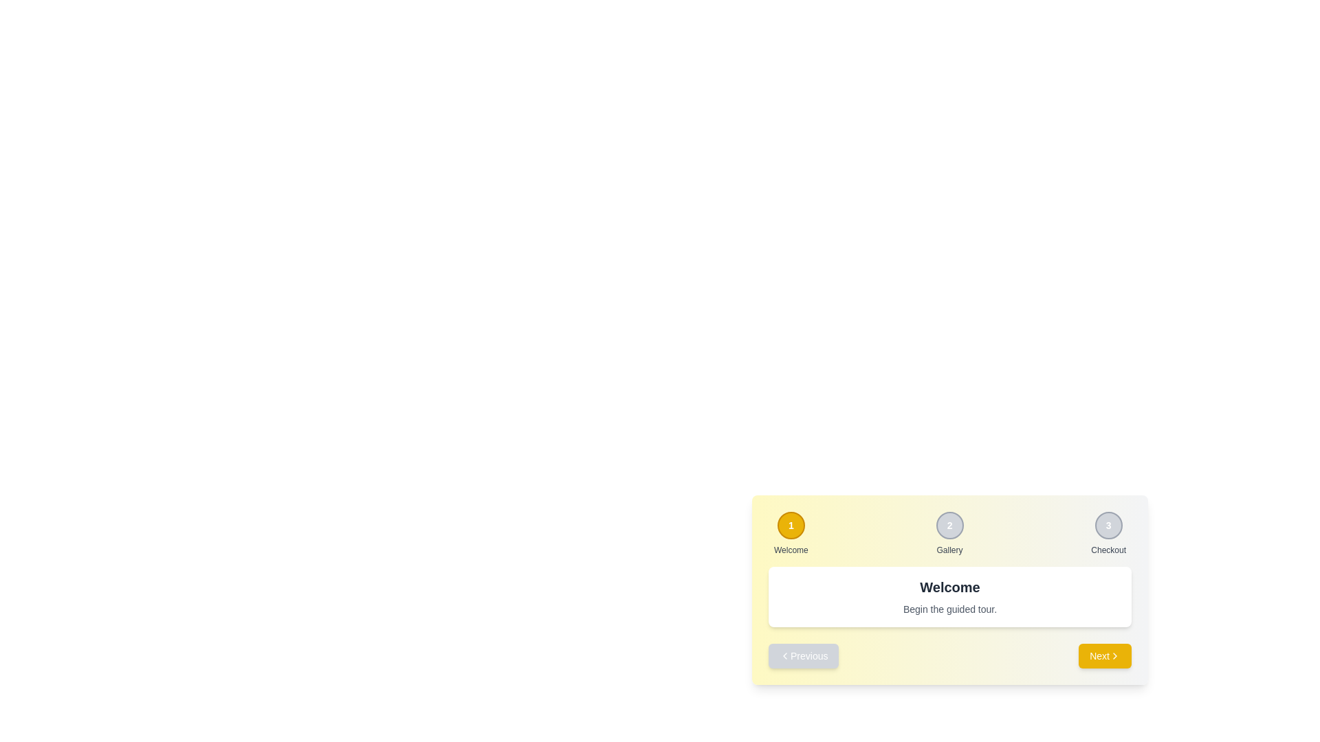 This screenshot has width=1320, height=742. I want to click on the 'Welcome' label, which is a small, light gray text component located beneath a circular yellow icon with the number '1', in the top-left corner of the navigational panel, so click(791, 550).